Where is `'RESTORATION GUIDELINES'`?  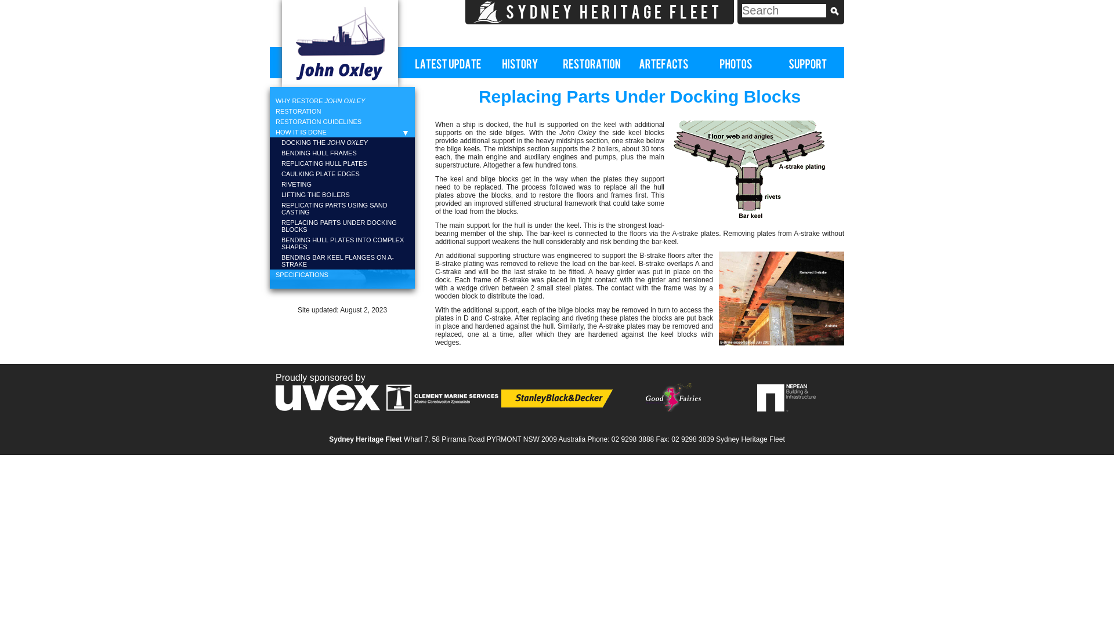
'RESTORATION GUIDELINES' is located at coordinates (269, 121).